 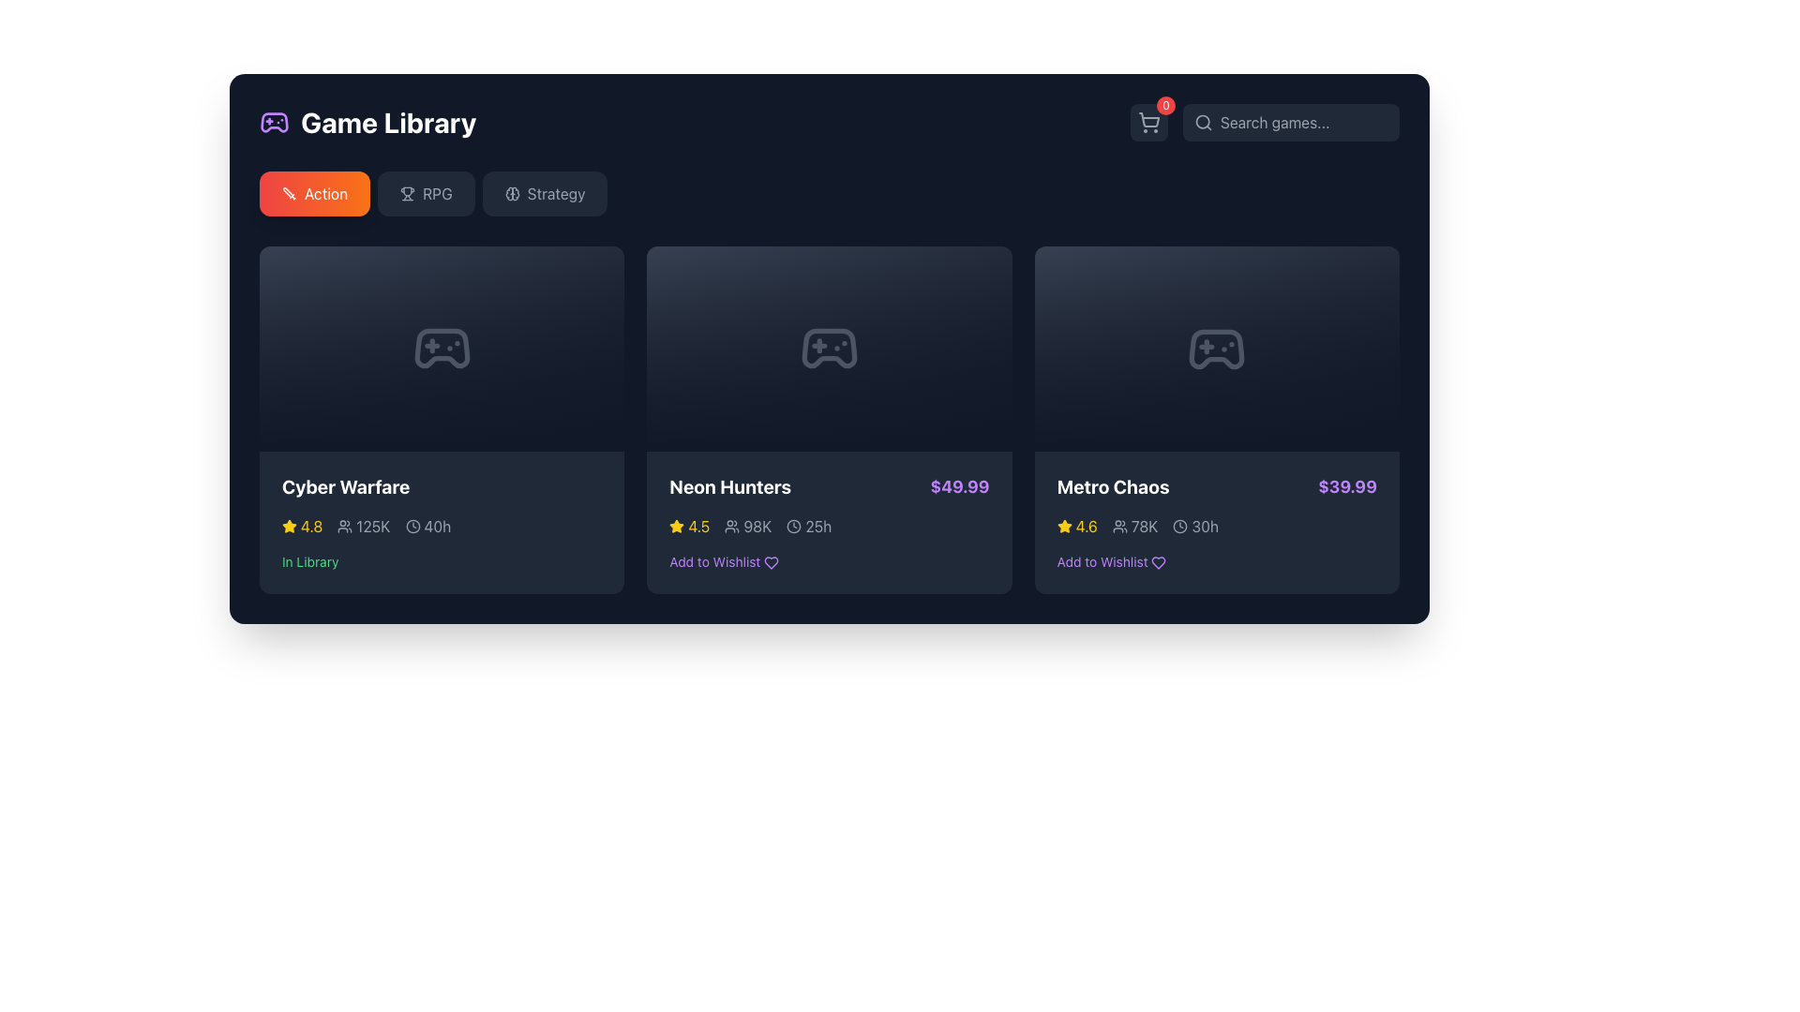 I want to click on the game controller icon, which is a graphical representation styled in purple and located next to the 'Game Library' text in the top left corner of the interface, so click(x=273, y=122).